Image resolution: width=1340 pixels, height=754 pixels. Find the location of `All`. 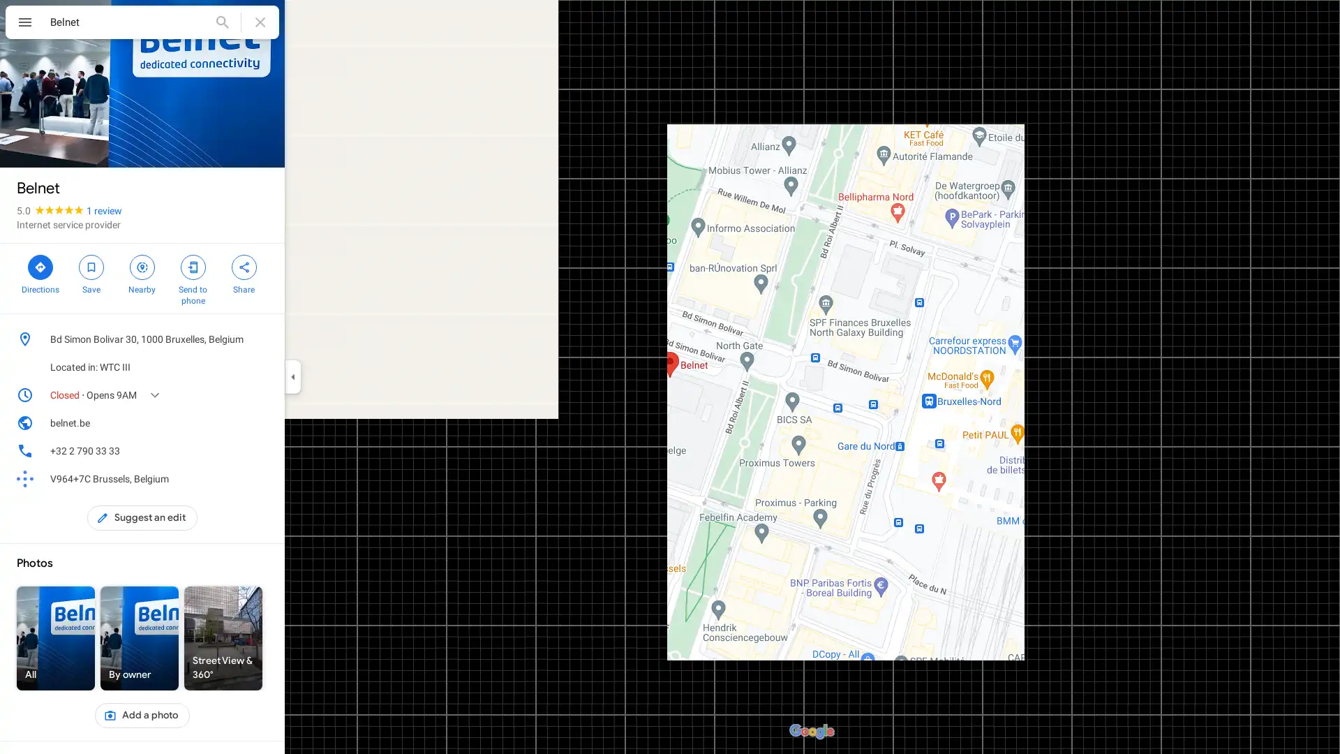

All is located at coordinates (56, 638).